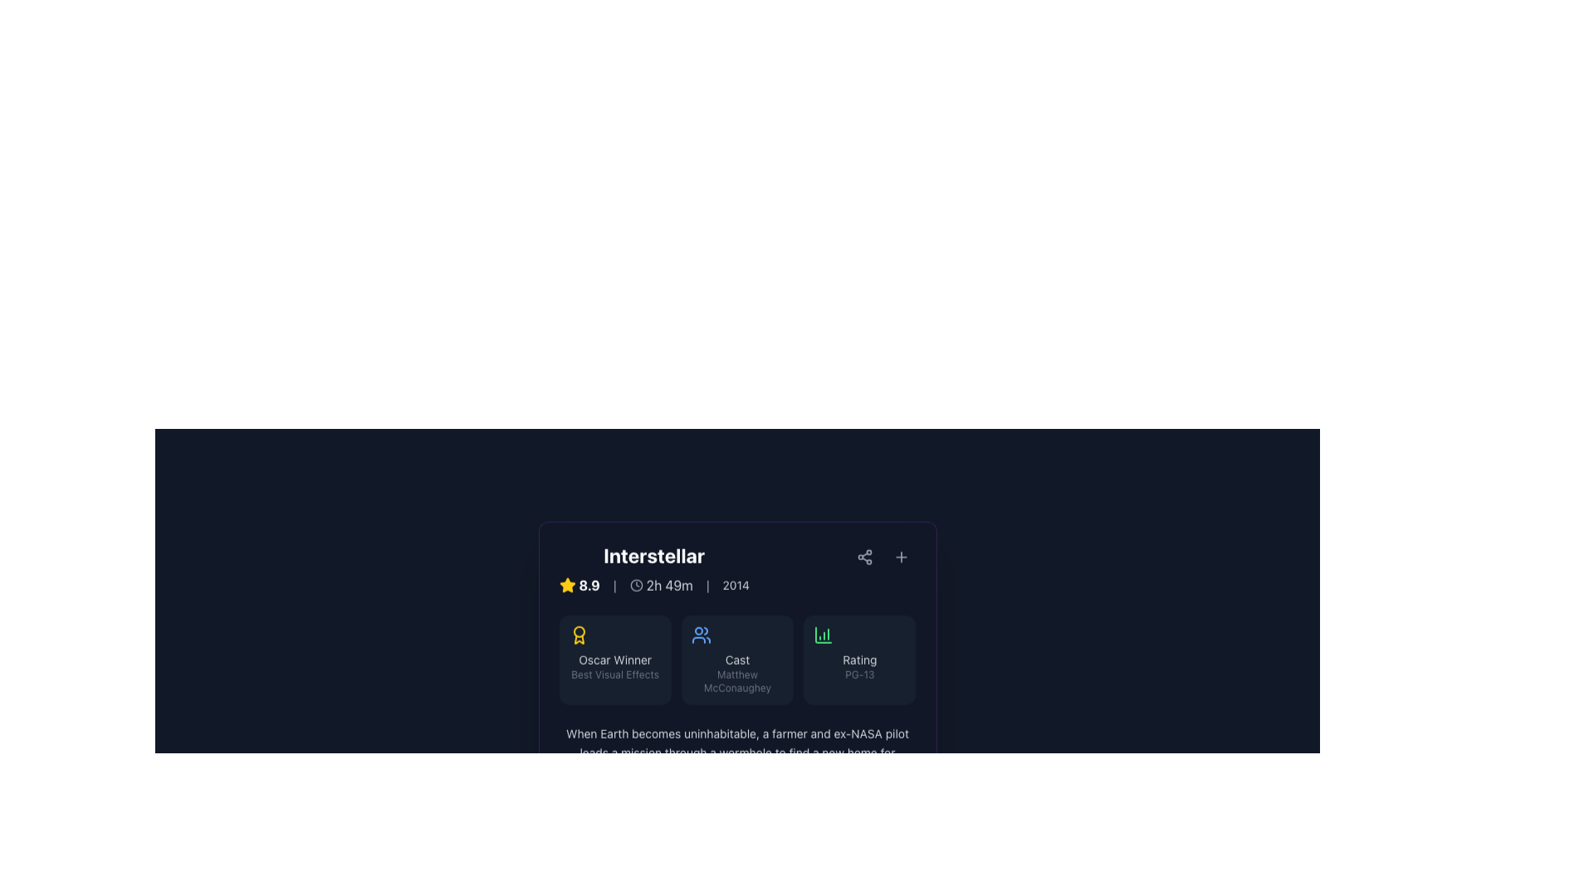 This screenshot has width=1594, height=896. What do you see at coordinates (669, 584) in the screenshot?
I see `information displayed in the text label showing '2h 49m', which is positioned below the movie title and aligned with other metadata elements` at bounding box center [669, 584].